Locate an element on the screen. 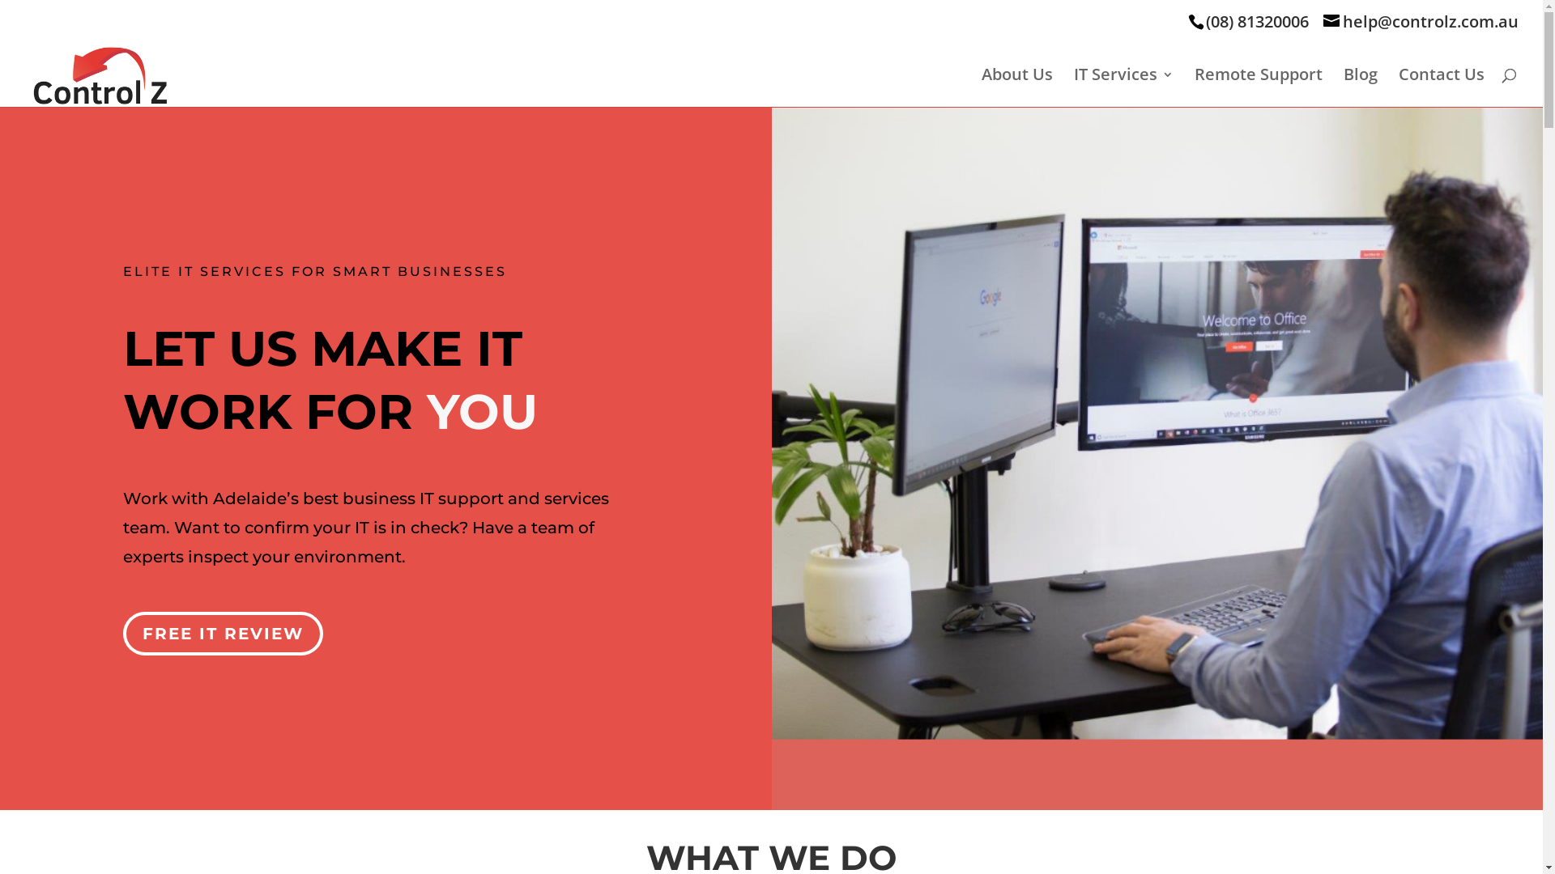 This screenshot has width=1555, height=874. 'IT Services' is located at coordinates (1123, 87).